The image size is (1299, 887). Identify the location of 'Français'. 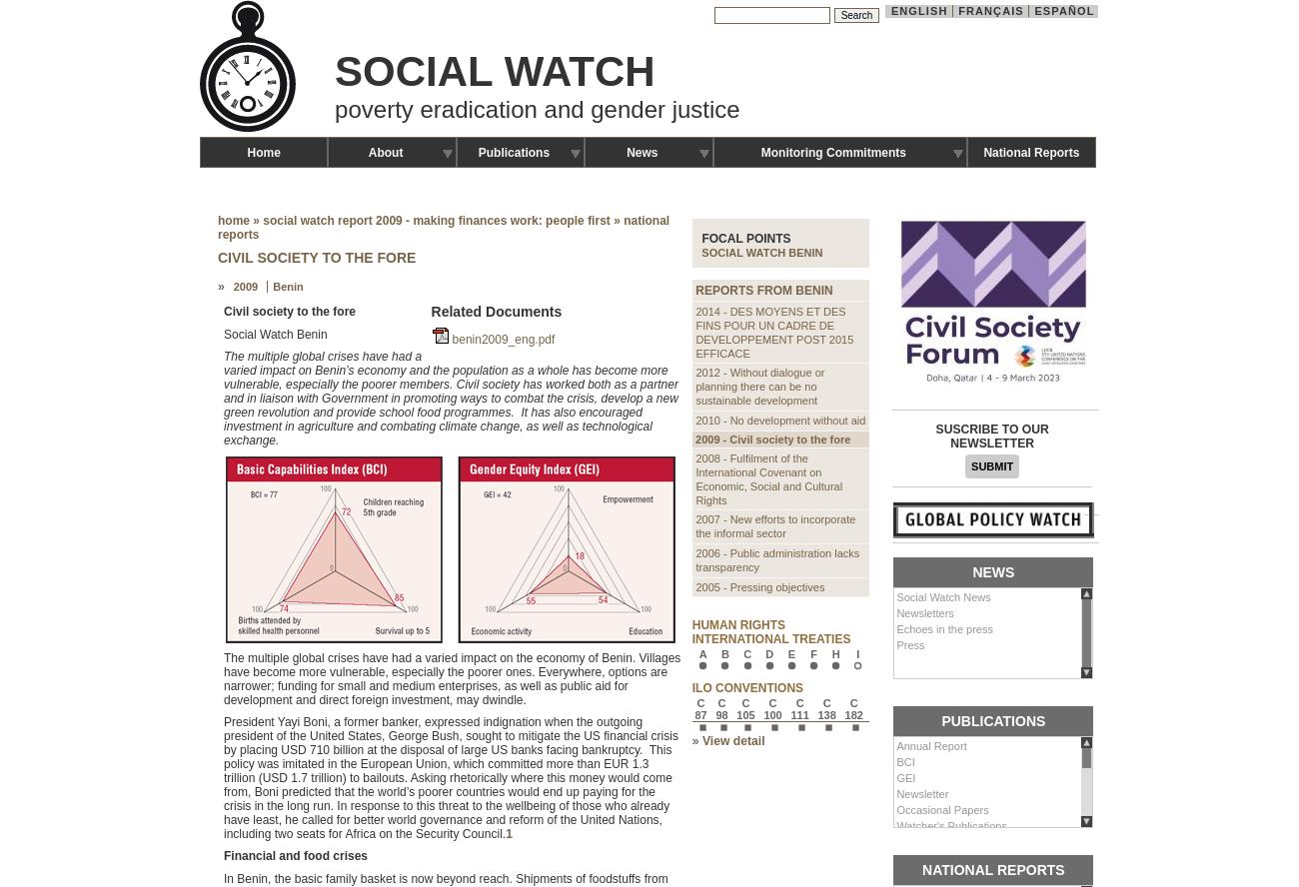
(958, 10).